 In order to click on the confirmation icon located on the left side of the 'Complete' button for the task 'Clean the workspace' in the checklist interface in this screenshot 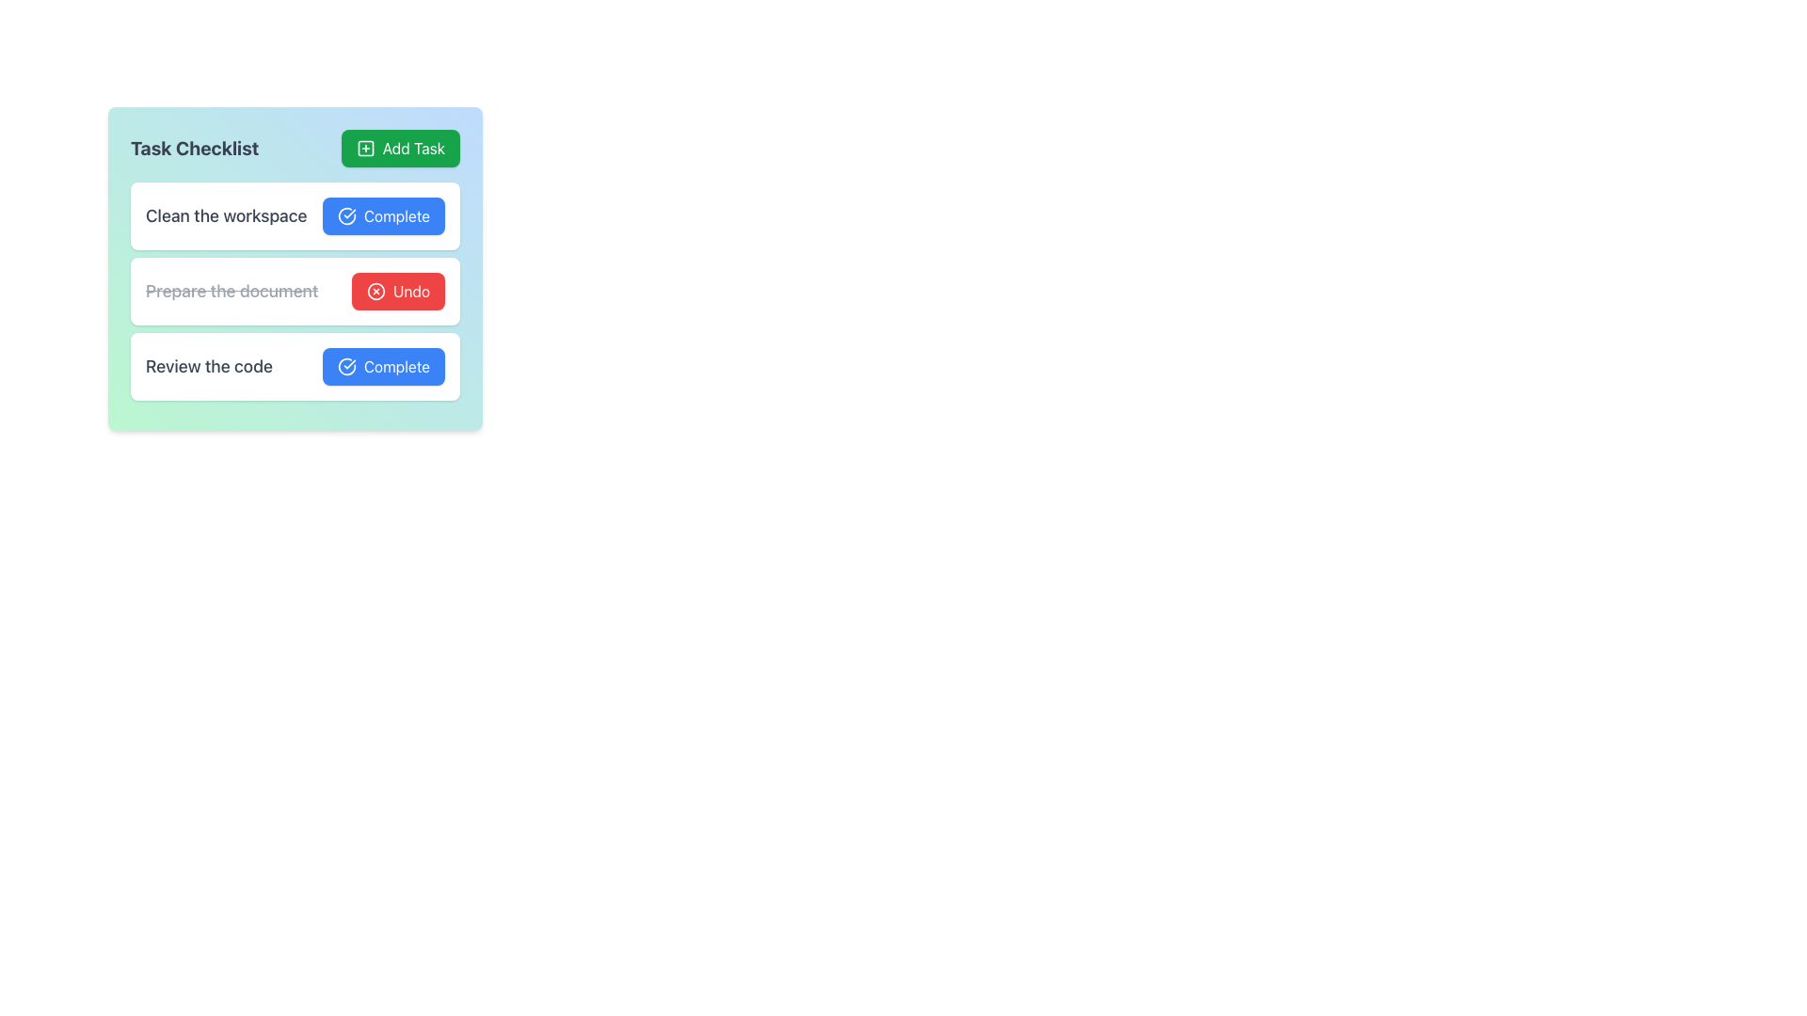, I will do `click(346, 215)`.